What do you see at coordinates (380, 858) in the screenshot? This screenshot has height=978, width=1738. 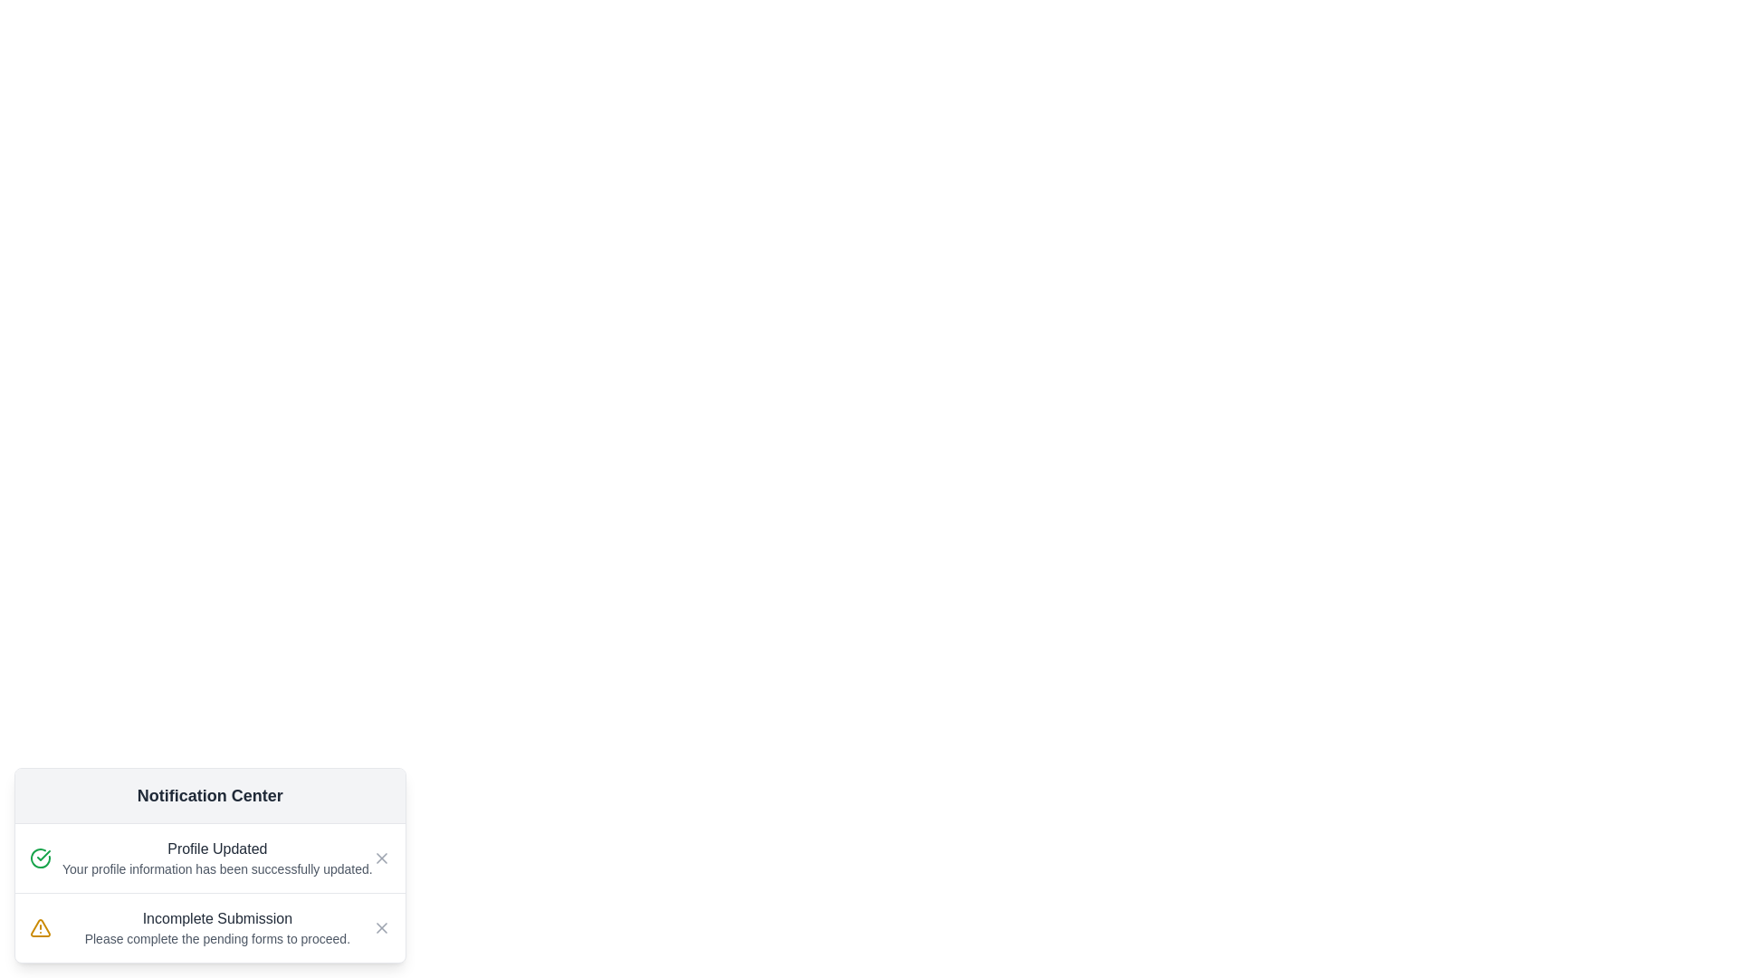 I see `the diagonal line segment that forms part of the 'X' icon in the top-right corner of the 'Profile Updated' notification` at bounding box center [380, 858].